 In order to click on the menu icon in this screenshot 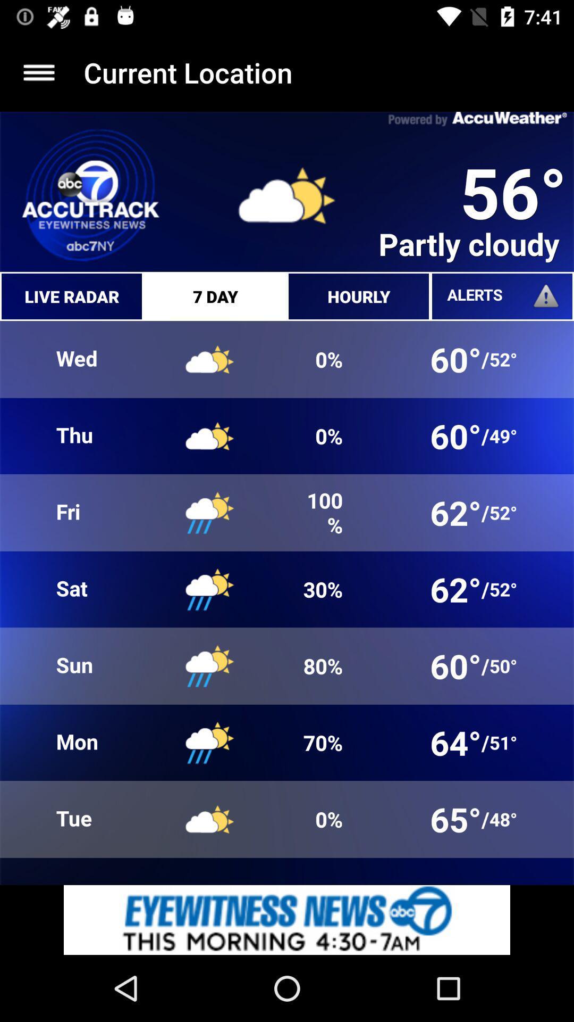, I will do `click(38, 72)`.